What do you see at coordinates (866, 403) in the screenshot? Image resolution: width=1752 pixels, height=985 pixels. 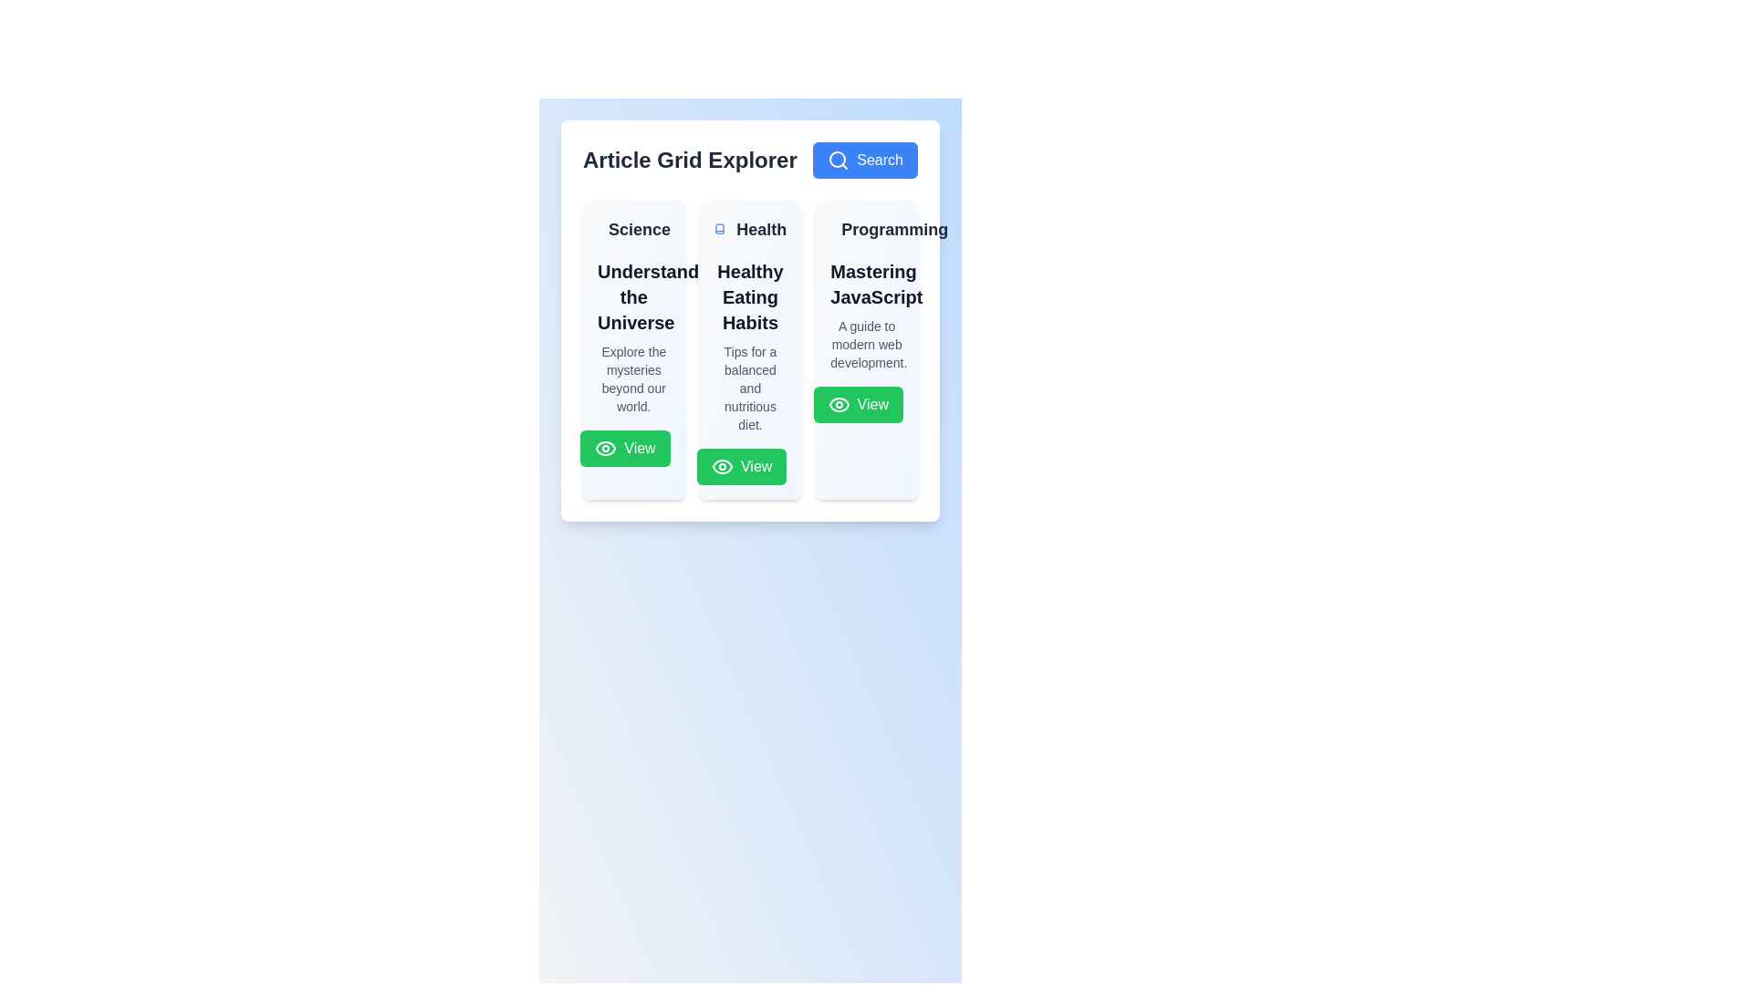 I see `the button located at the bottom-right corner of the 'Programming' card, labeled 'Mastering JavaScript'` at bounding box center [866, 403].